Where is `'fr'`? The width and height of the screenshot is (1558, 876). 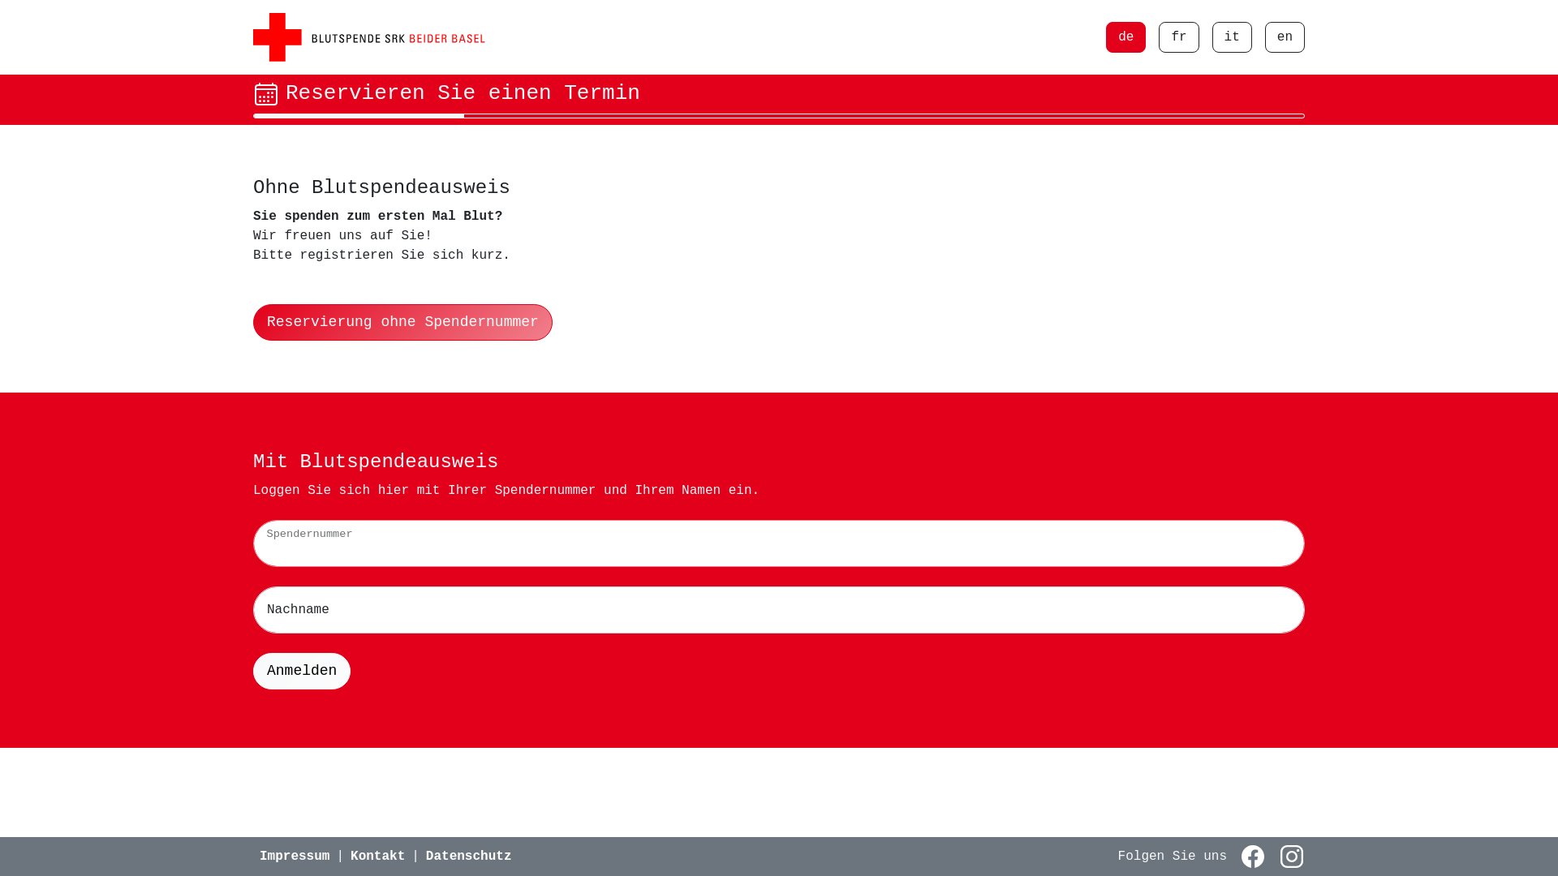 'fr' is located at coordinates (1178, 36).